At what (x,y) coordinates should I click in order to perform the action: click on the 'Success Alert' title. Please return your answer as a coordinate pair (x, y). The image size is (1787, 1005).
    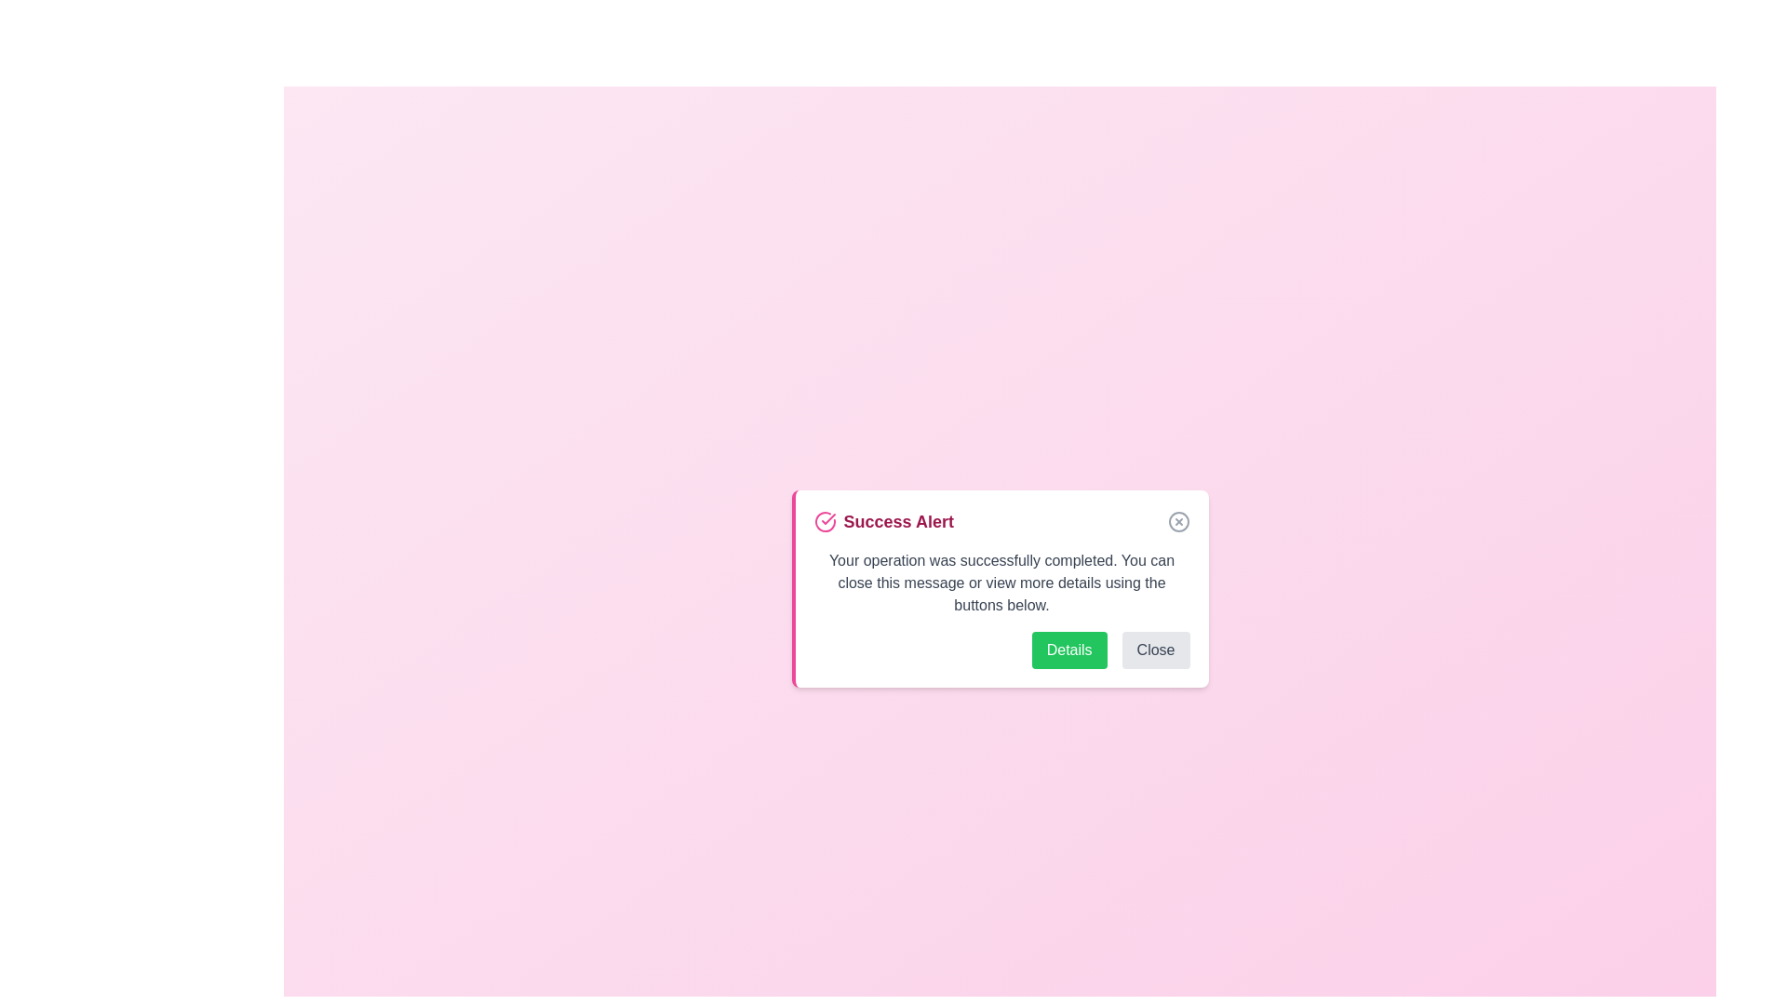
    Looking at the image, I should click on (898, 521).